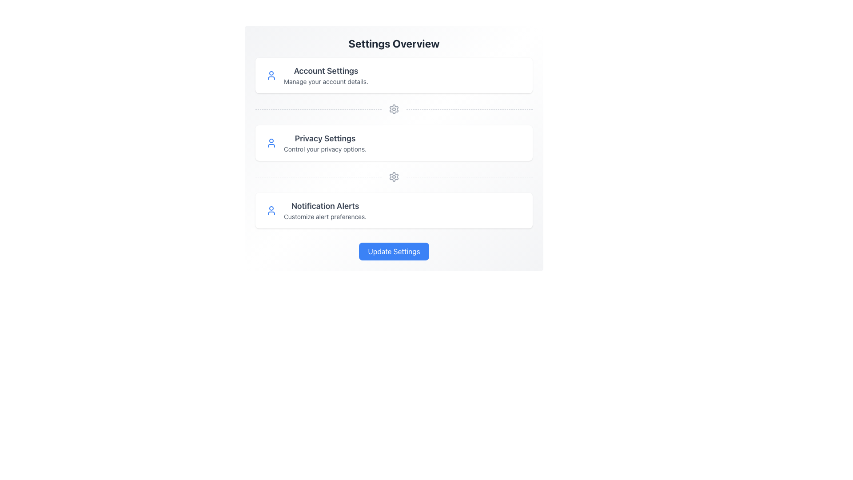 This screenshot has height=480, width=853. I want to click on the gear icon located at the center of a horizontal dashed line divider between the 'Privacy Settings' and 'Notification Alerts' sections, so click(394, 109).